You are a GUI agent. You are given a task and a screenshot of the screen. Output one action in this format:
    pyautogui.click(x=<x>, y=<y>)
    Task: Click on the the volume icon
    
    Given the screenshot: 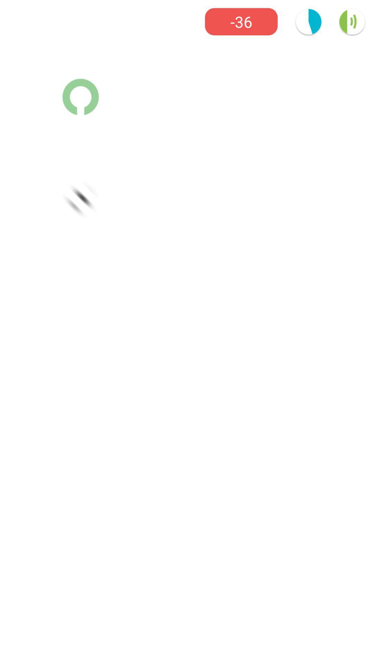 What is the action you would take?
    pyautogui.click(x=352, y=21)
    